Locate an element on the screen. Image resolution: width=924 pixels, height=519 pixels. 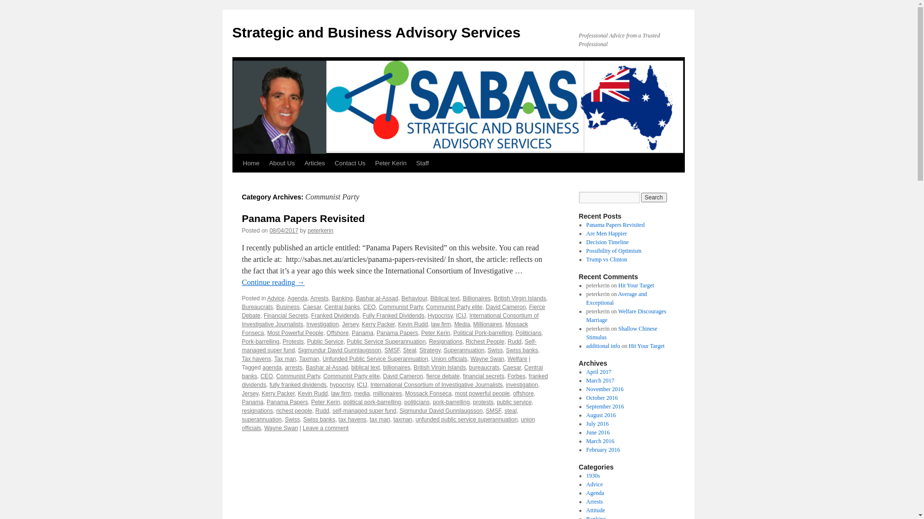
'Articles' is located at coordinates (315, 162).